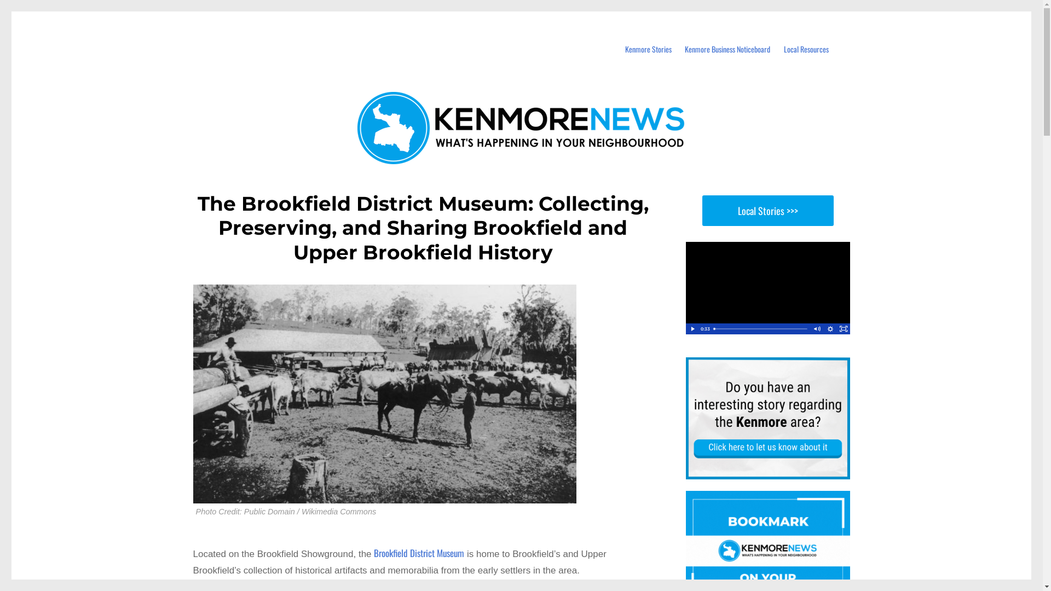  Describe the element at coordinates (842, 328) in the screenshot. I see `'Fullscreen'` at that location.